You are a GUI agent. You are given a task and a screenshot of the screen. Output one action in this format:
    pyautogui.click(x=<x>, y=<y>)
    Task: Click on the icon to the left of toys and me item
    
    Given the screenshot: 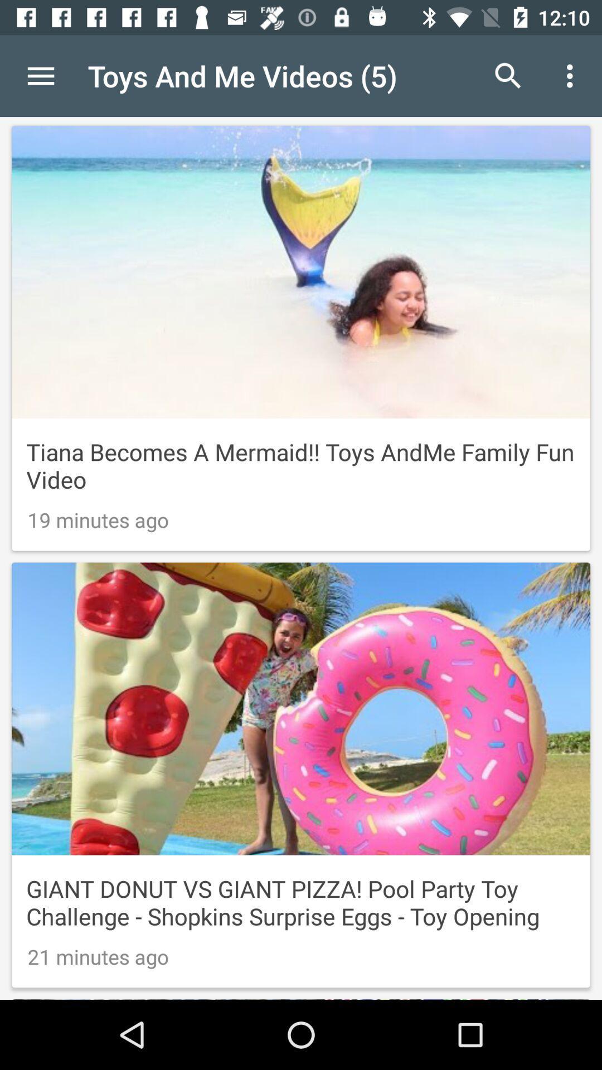 What is the action you would take?
    pyautogui.click(x=40, y=75)
    